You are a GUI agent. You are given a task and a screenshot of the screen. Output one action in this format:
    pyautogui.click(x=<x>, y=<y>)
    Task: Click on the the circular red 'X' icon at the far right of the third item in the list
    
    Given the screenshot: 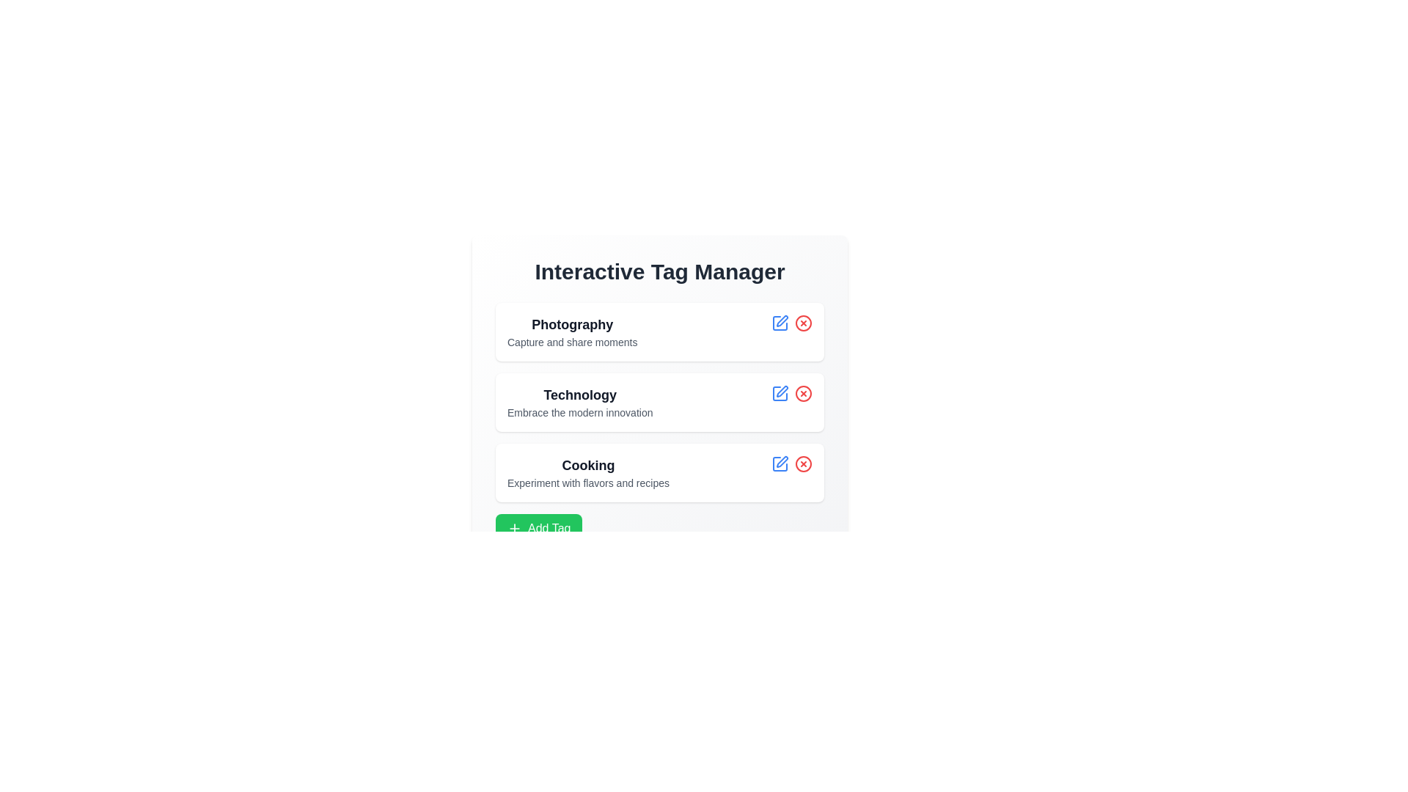 What is the action you would take?
    pyautogui.click(x=802, y=463)
    